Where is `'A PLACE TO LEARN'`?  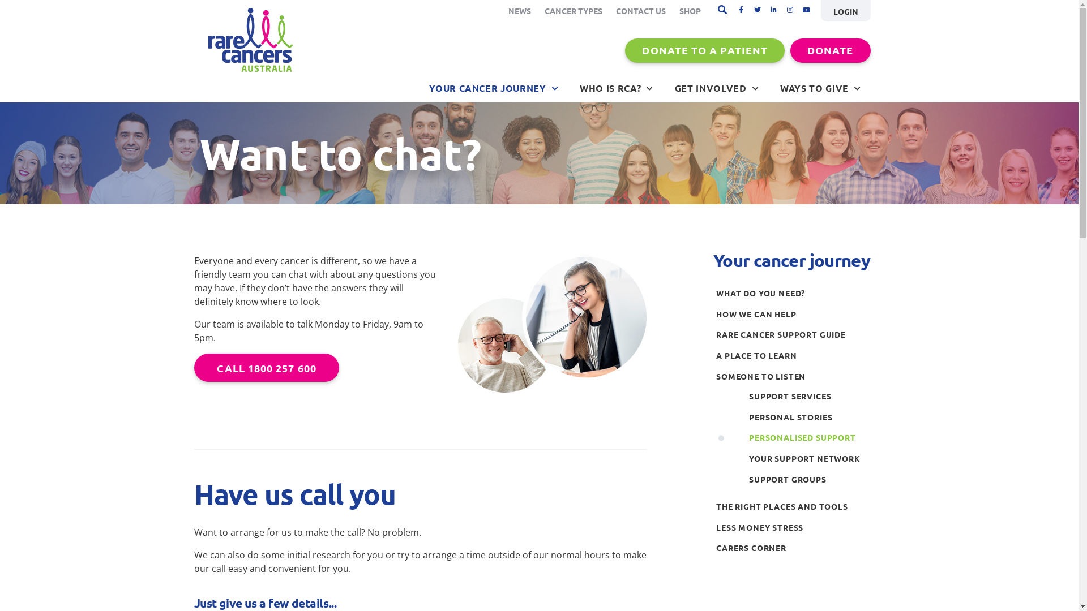 'A PLACE TO LEARN' is located at coordinates (712, 355).